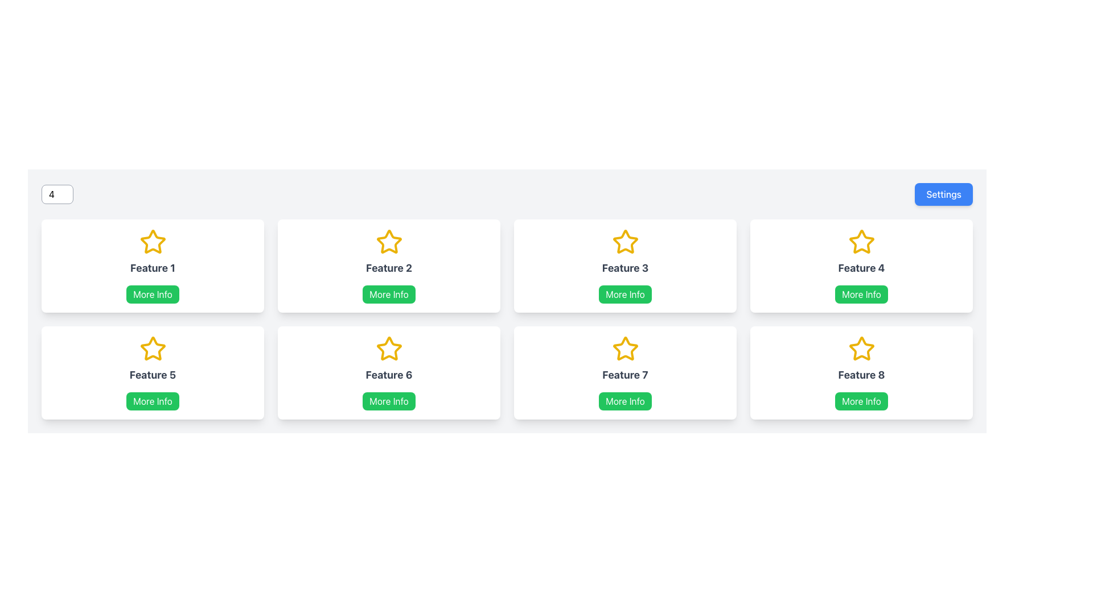 The width and height of the screenshot is (1093, 614). What do you see at coordinates (152, 348) in the screenshot?
I see `the yellow outlined star icon with a hollow center located at the top center of the card labeled 'Feature 5'` at bounding box center [152, 348].